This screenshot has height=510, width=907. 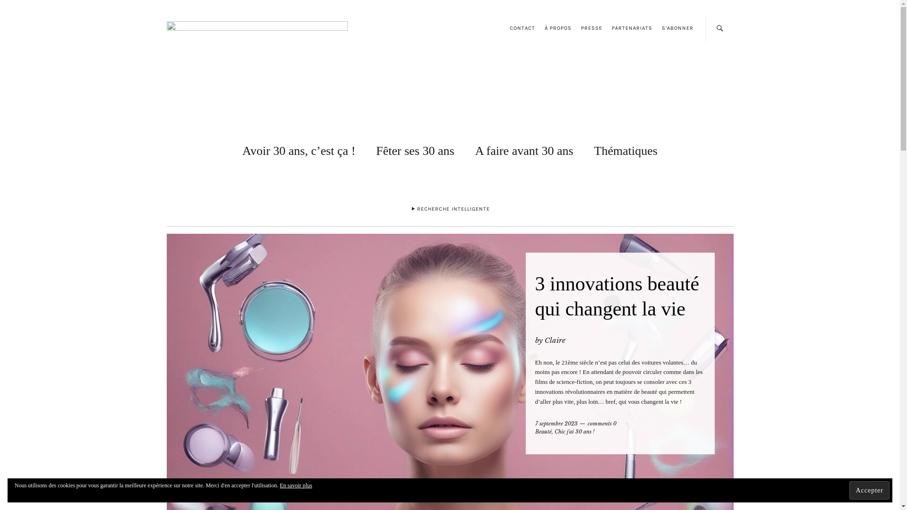 What do you see at coordinates (555, 432) in the screenshot?
I see `'Chic j'ai 30 ans !'` at bounding box center [555, 432].